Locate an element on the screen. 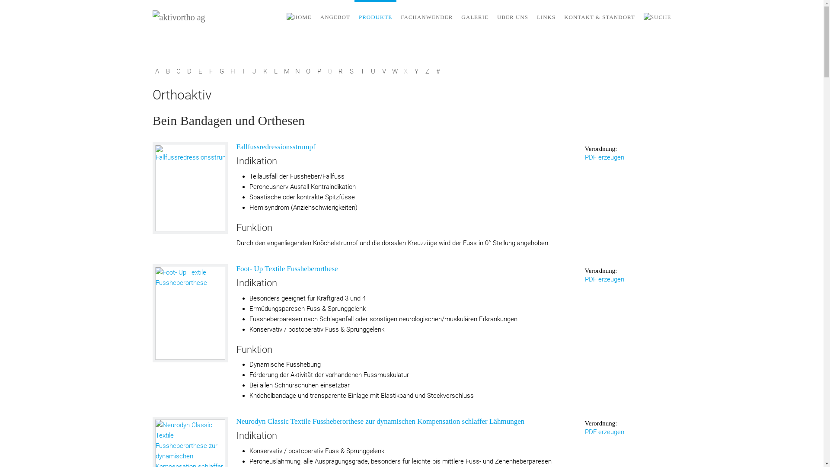 Image resolution: width=830 pixels, height=467 pixels. 'O' is located at coordinates (303, 71).